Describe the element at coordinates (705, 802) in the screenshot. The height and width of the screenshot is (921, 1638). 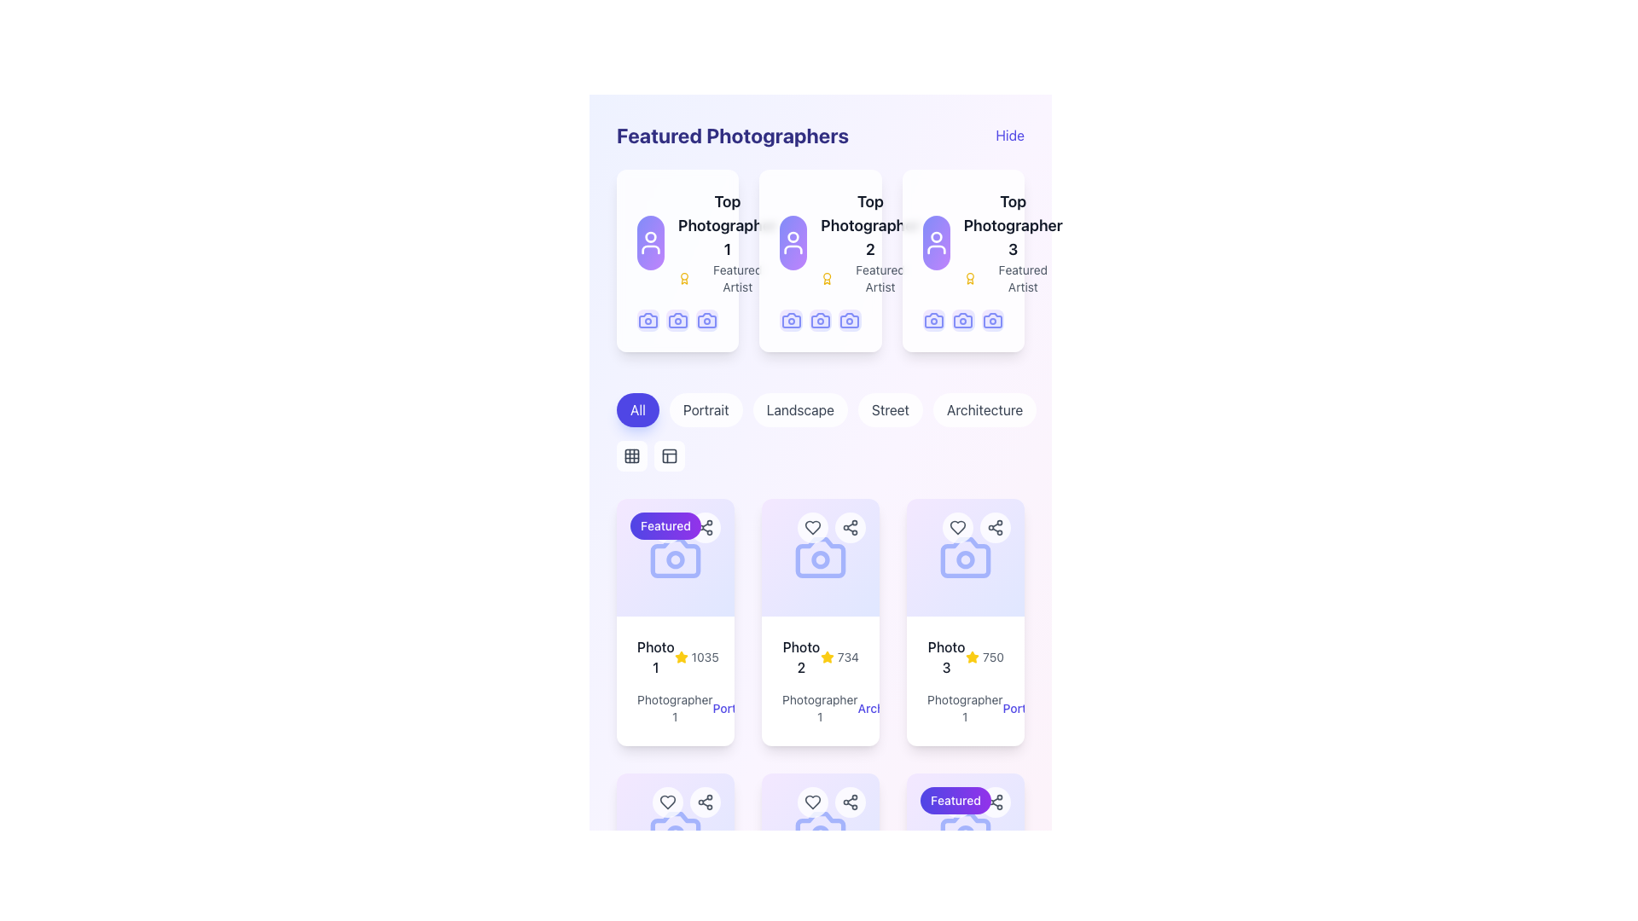
I see `the share icon located at the top-right corner of the 'Photo 2' entry` at that location.